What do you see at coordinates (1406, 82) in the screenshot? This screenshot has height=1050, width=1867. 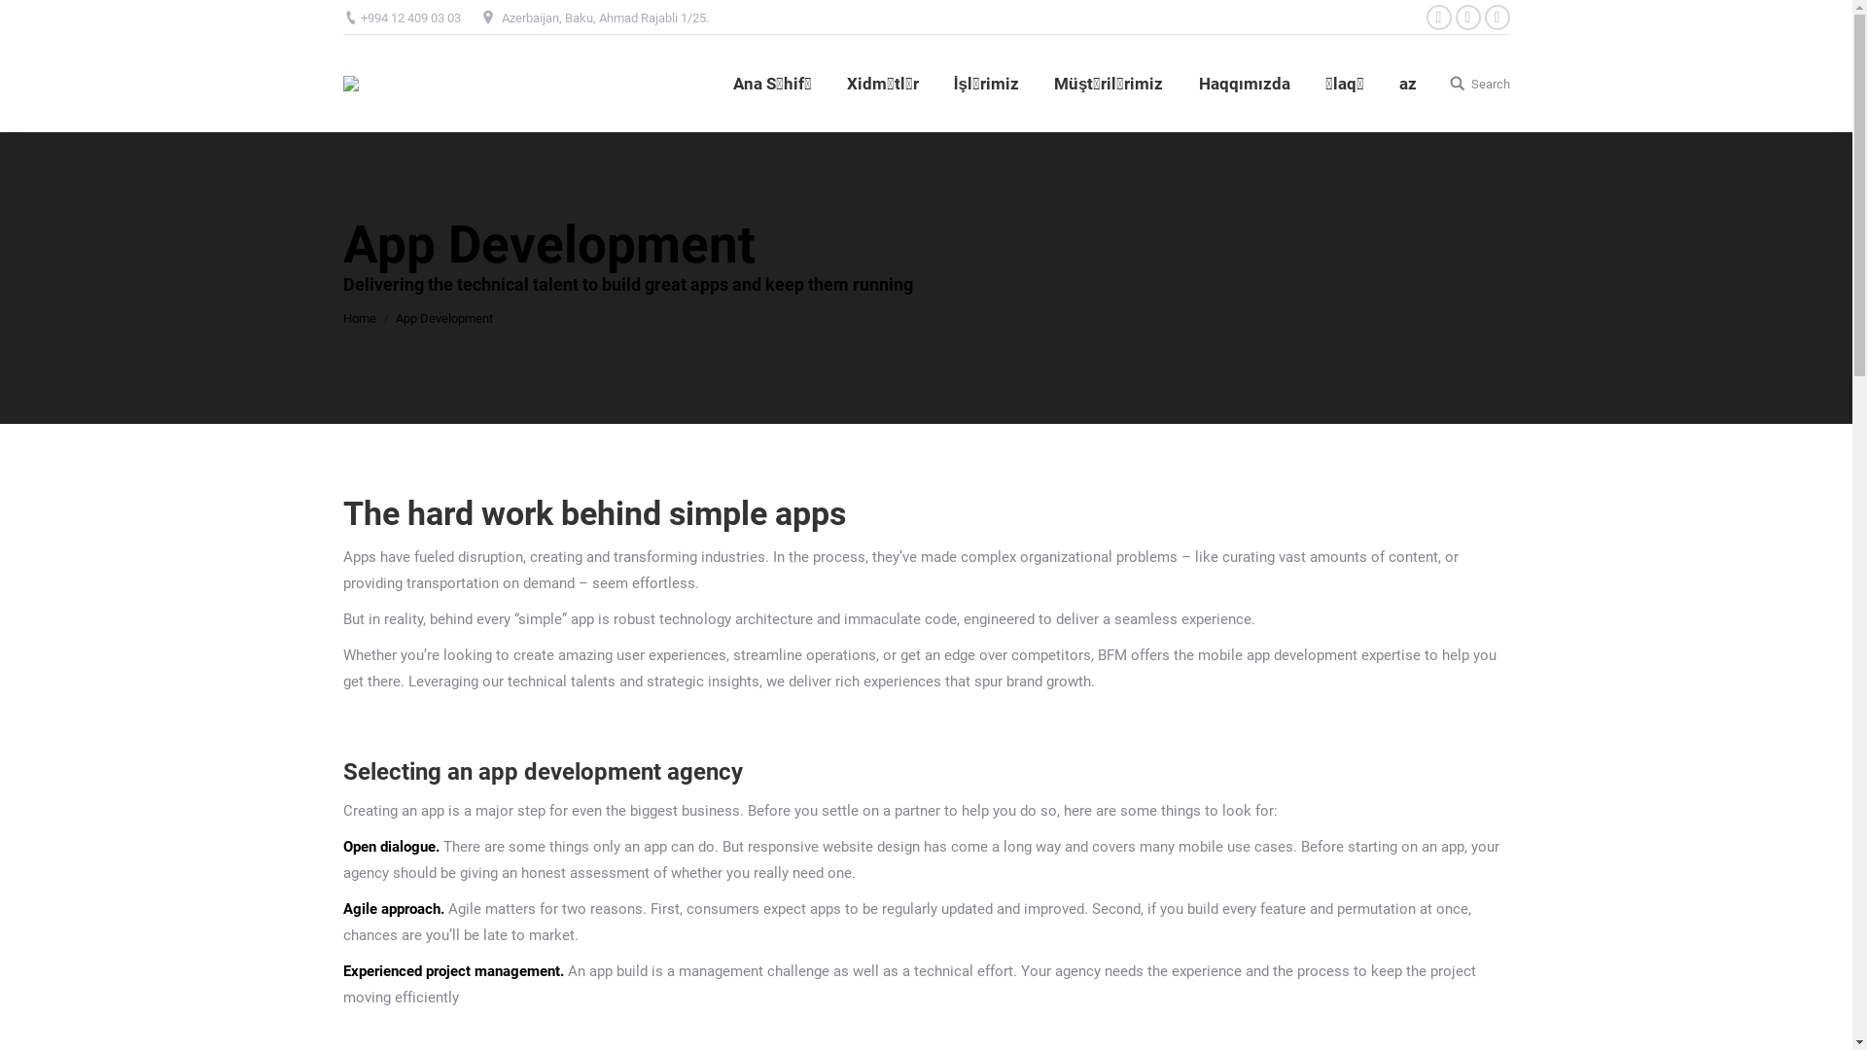 I see `'az'` at bounding box center [1406, 82].